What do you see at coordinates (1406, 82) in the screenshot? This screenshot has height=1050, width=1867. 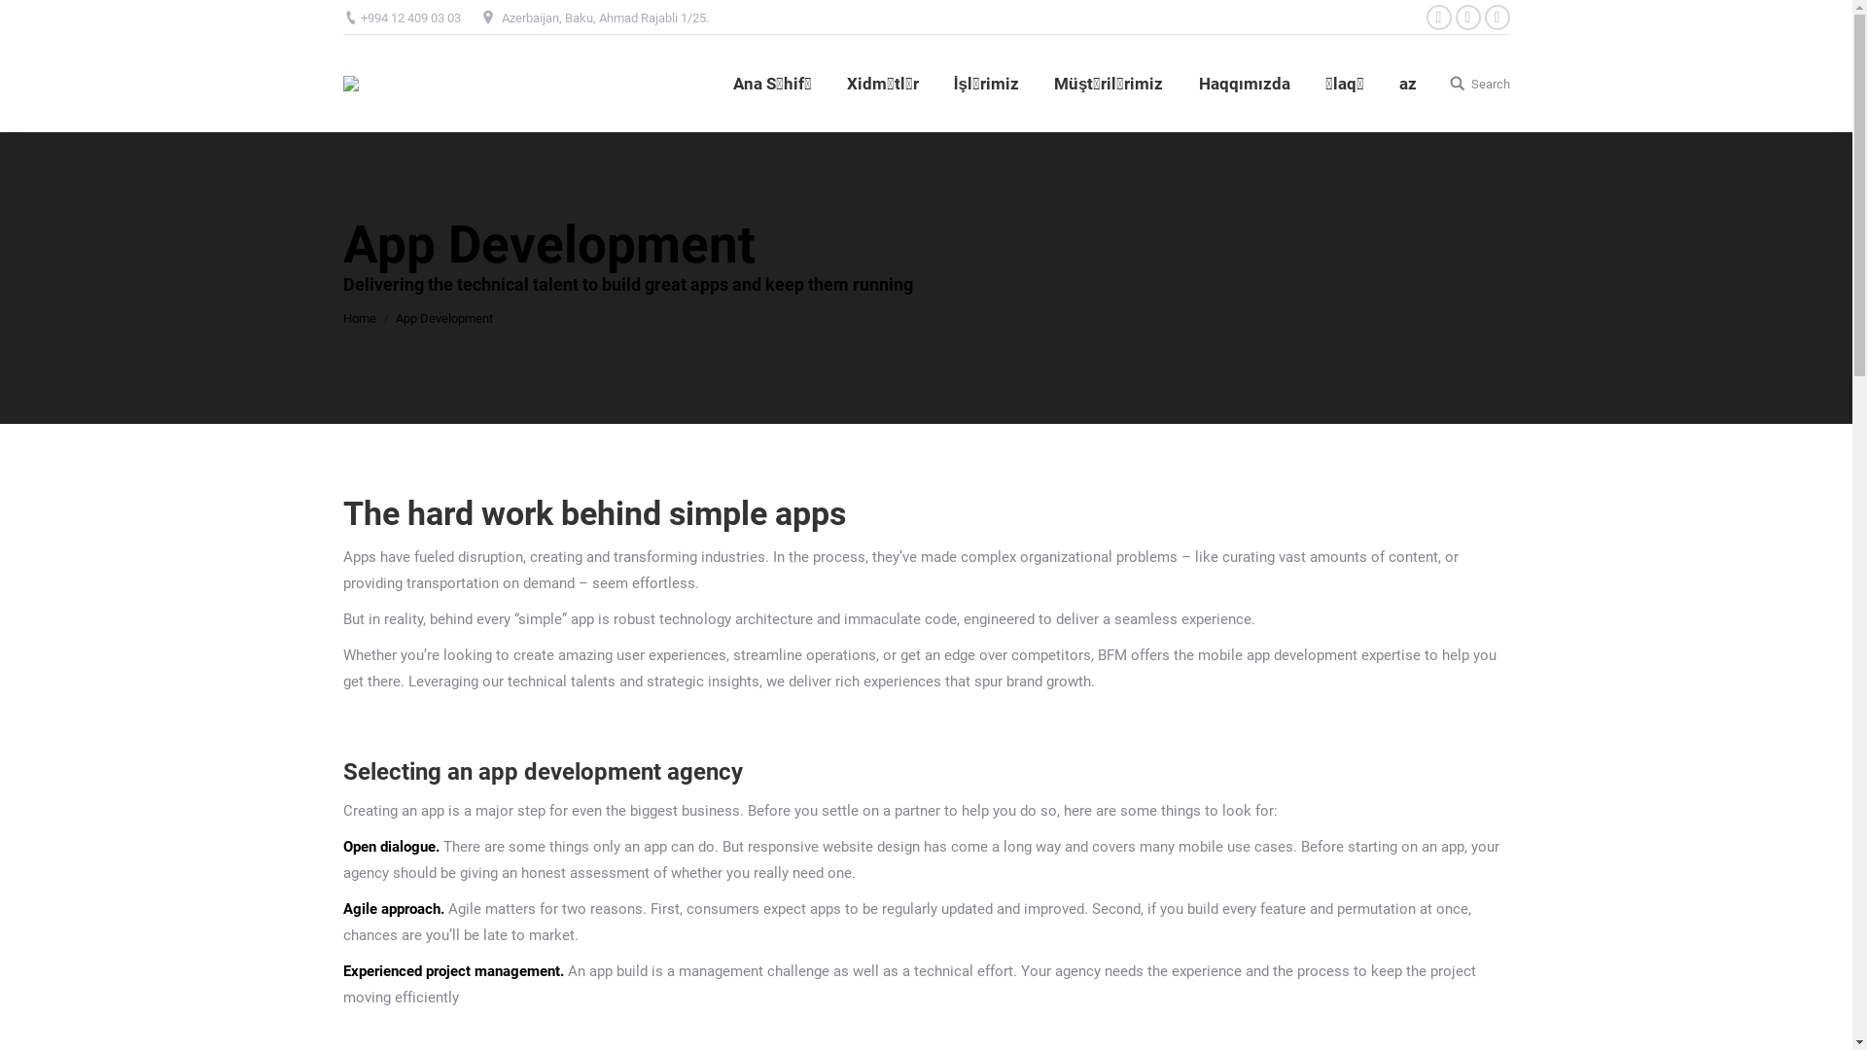 I see `'az'` at bounding box center [1406, 82].